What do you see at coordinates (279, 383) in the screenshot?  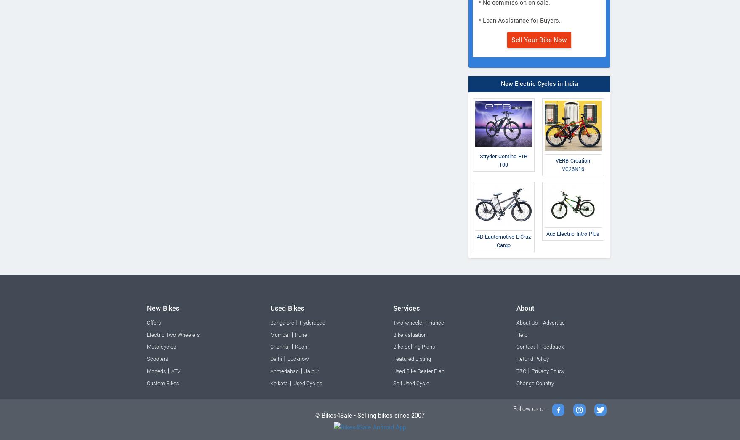 I see `'Kolkata'` at bounding box center [279, 383].